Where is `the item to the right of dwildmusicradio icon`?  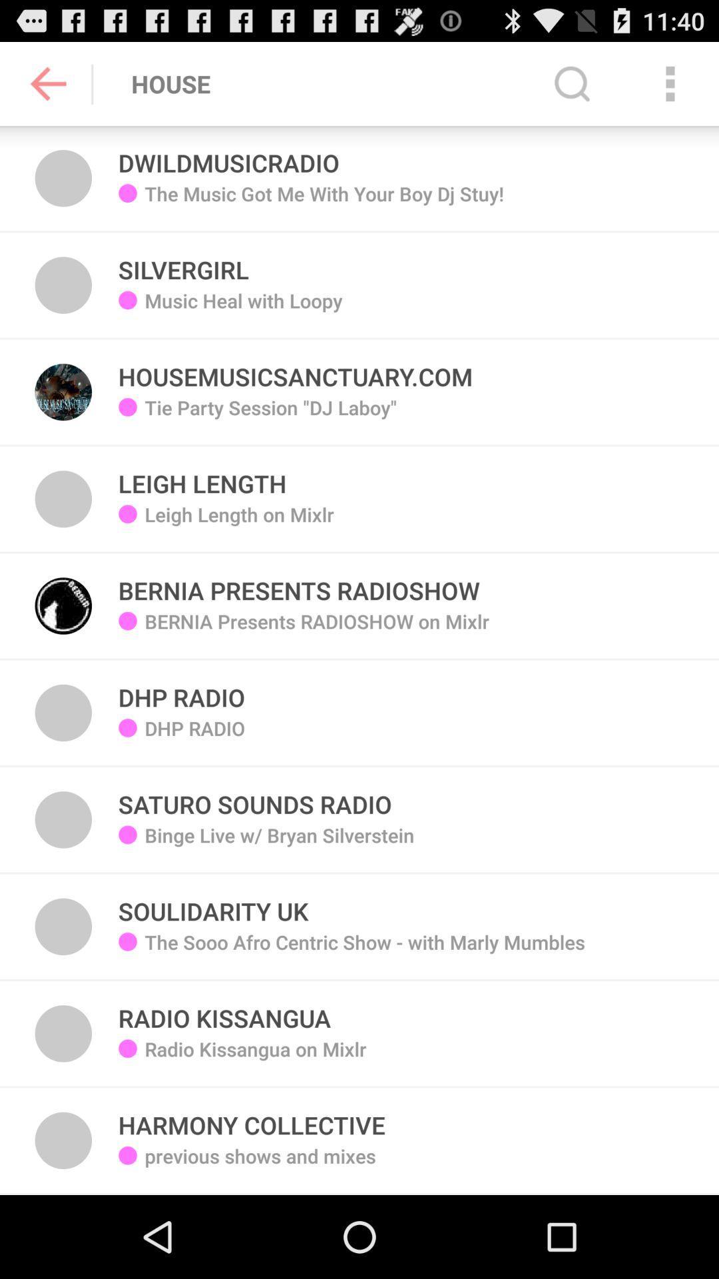
the item to the right of dwildmusicradio icon is located at coordinates (571, 83).